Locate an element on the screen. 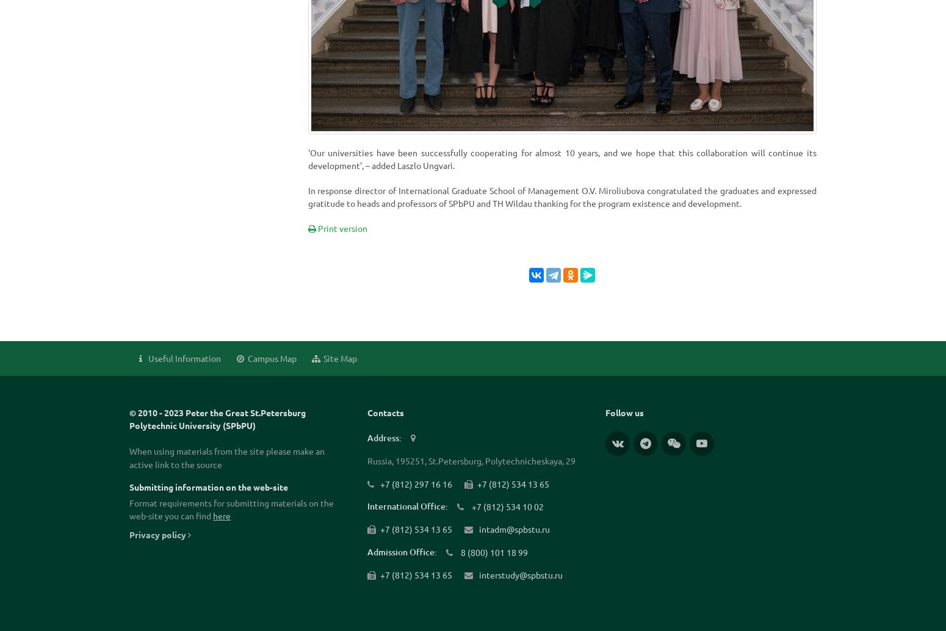  'Address:' is located at coordinates (384, 438).